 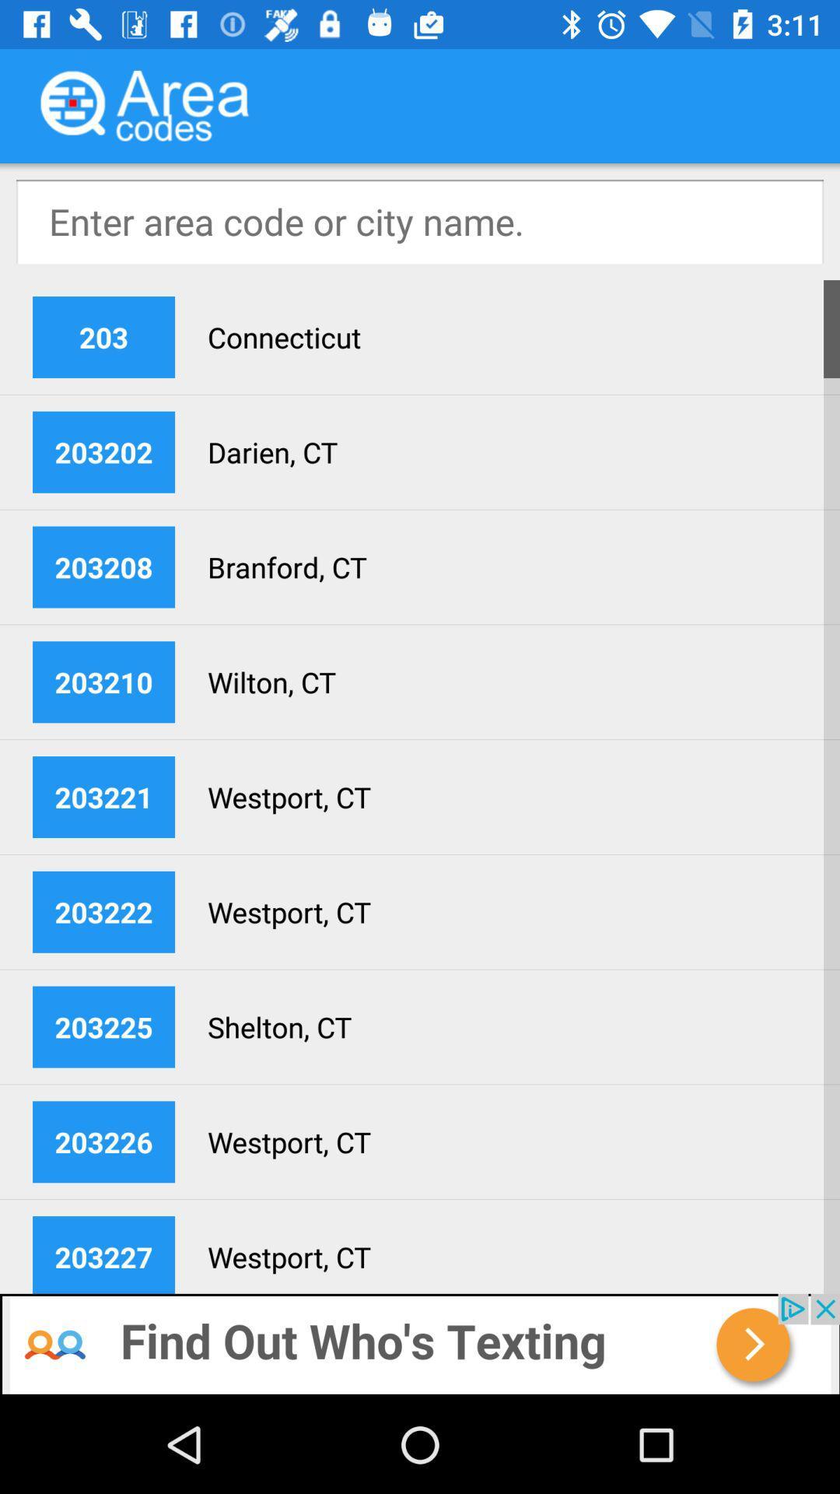 I want to click on textbox to enter area code, so click(x=420, y=220).